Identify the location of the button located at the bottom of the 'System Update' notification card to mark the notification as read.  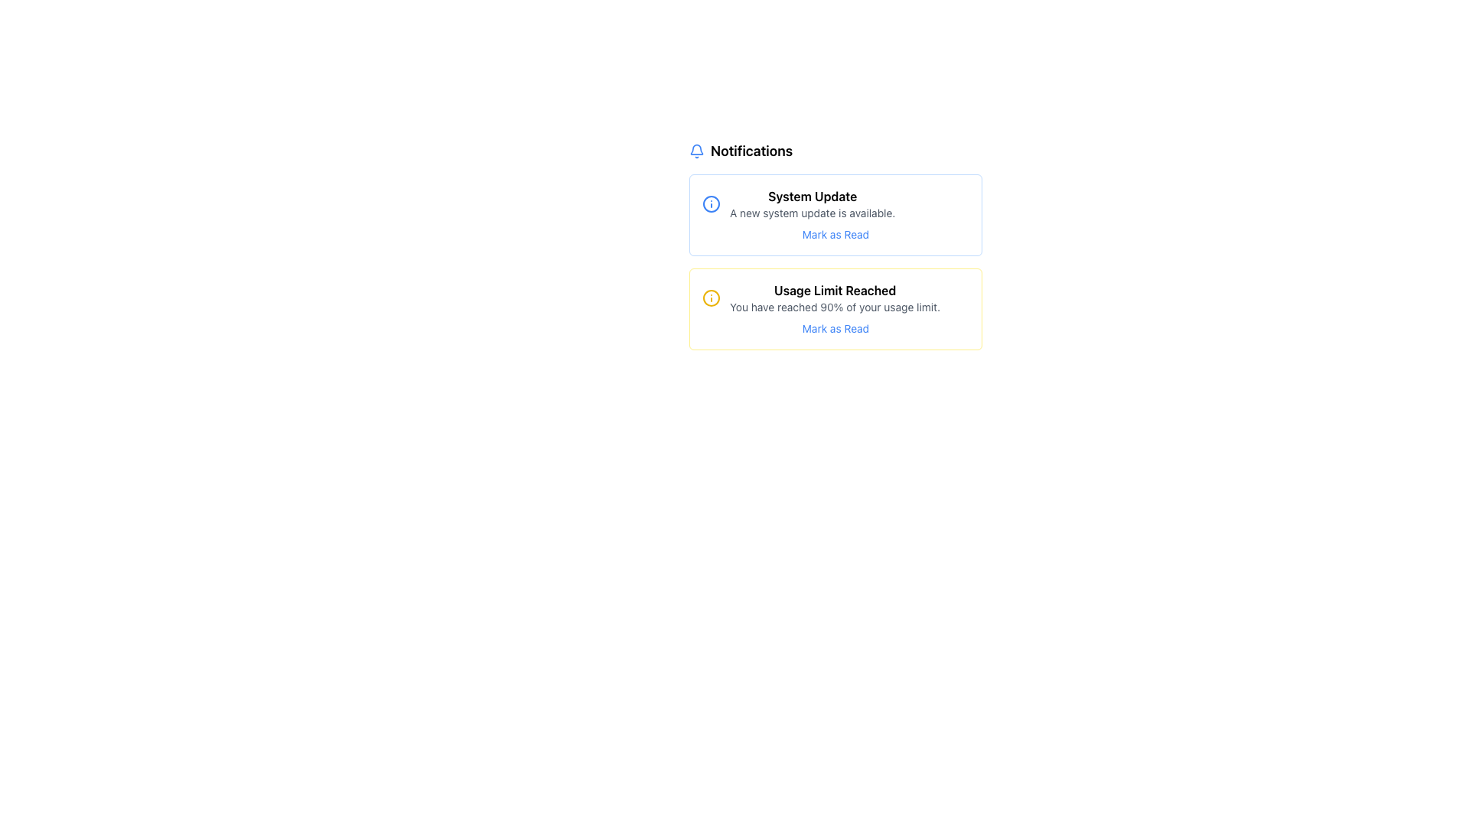
(835, 235).